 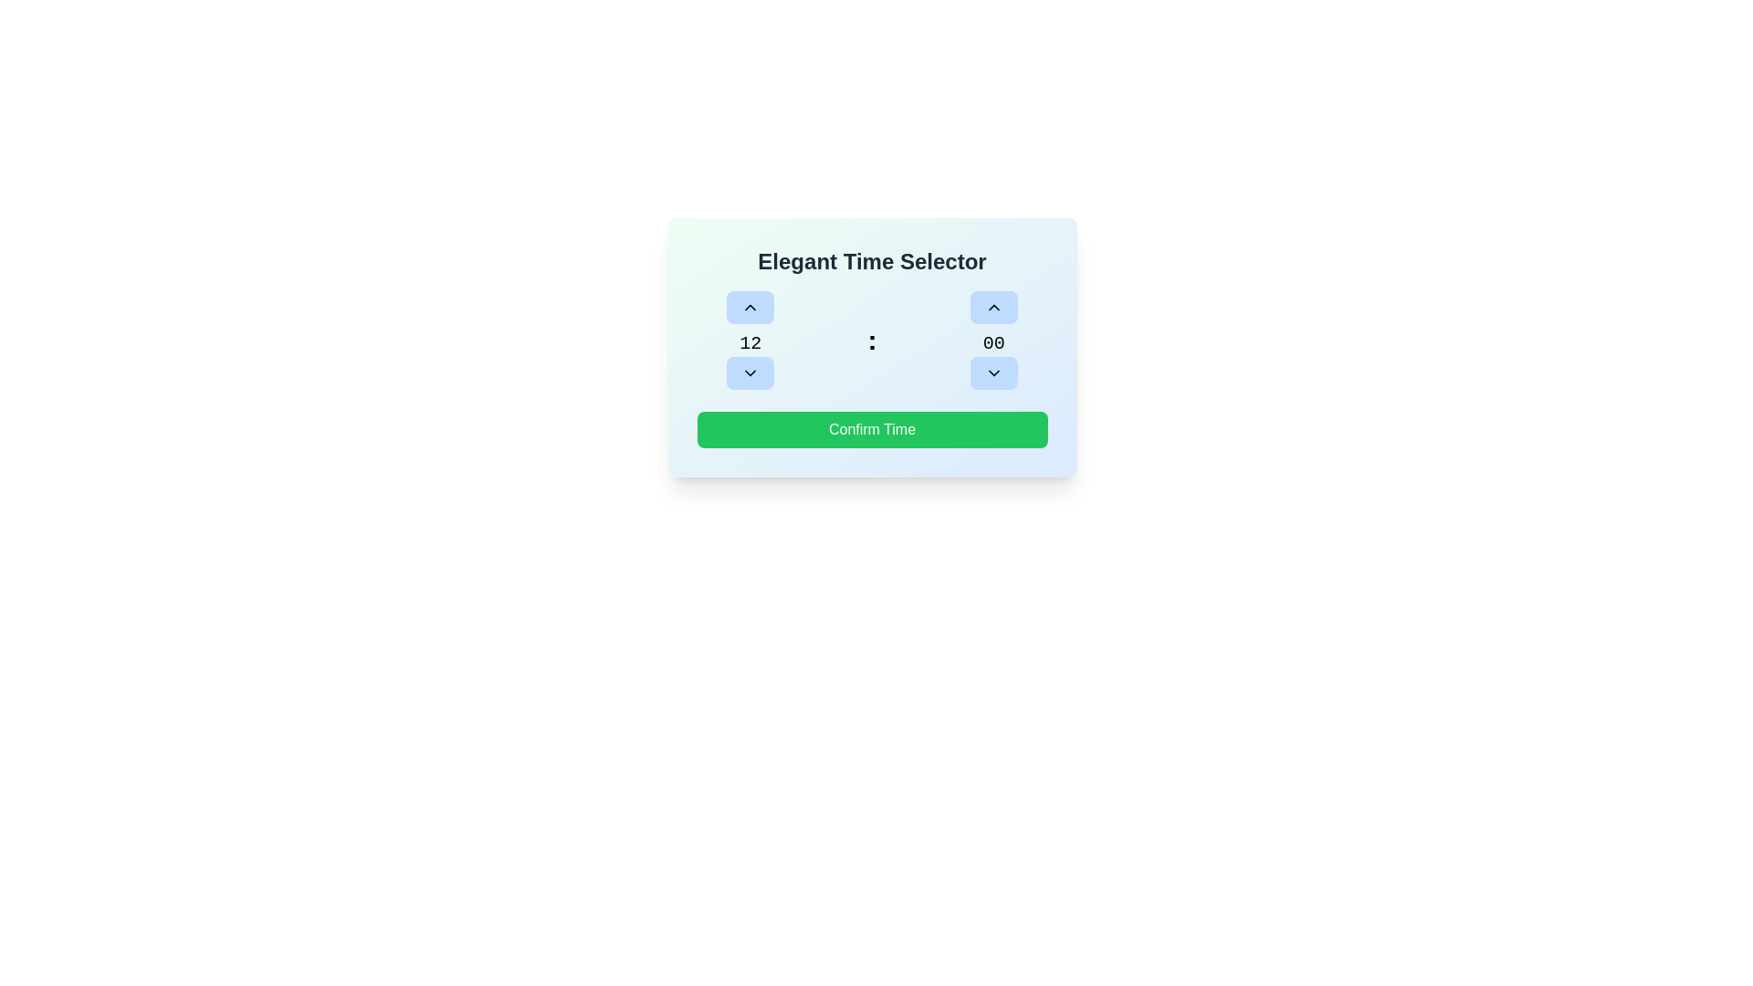 What do you see at coordinates (751, 341) in the screenshot?
I see `the Text display that shows the current hour value in the time selector interface, located in the left column of a three-column layout` at bounding box center [751, 341].